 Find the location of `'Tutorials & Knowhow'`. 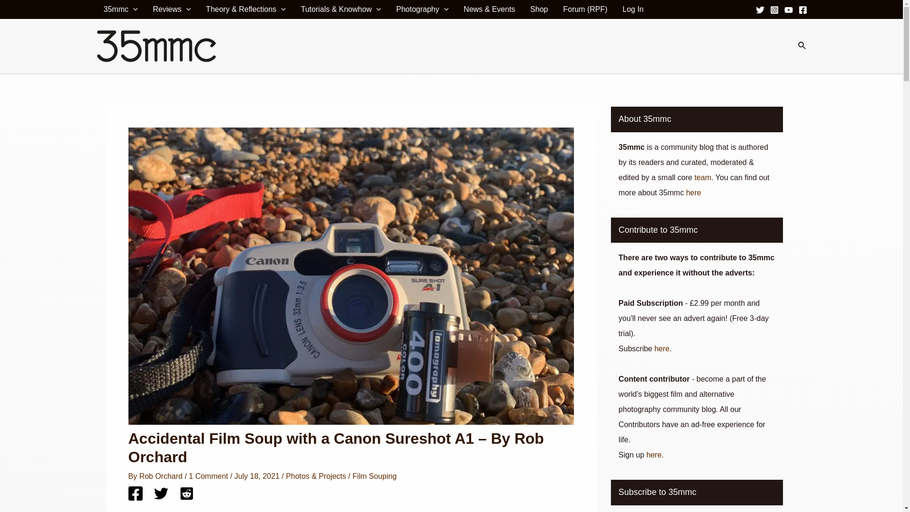

'Tutorials & Knowhow' is located at coordinates (293, 9).